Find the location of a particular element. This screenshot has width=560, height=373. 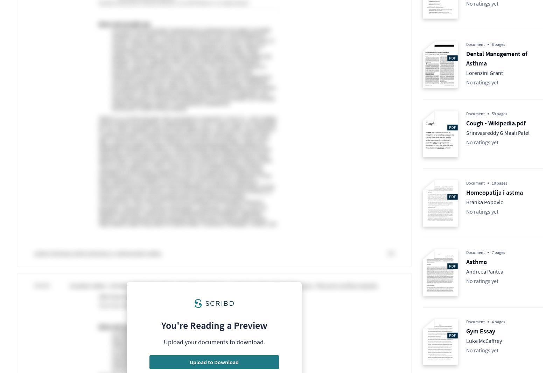

'10 pages' is located at coordinates (491, 182).